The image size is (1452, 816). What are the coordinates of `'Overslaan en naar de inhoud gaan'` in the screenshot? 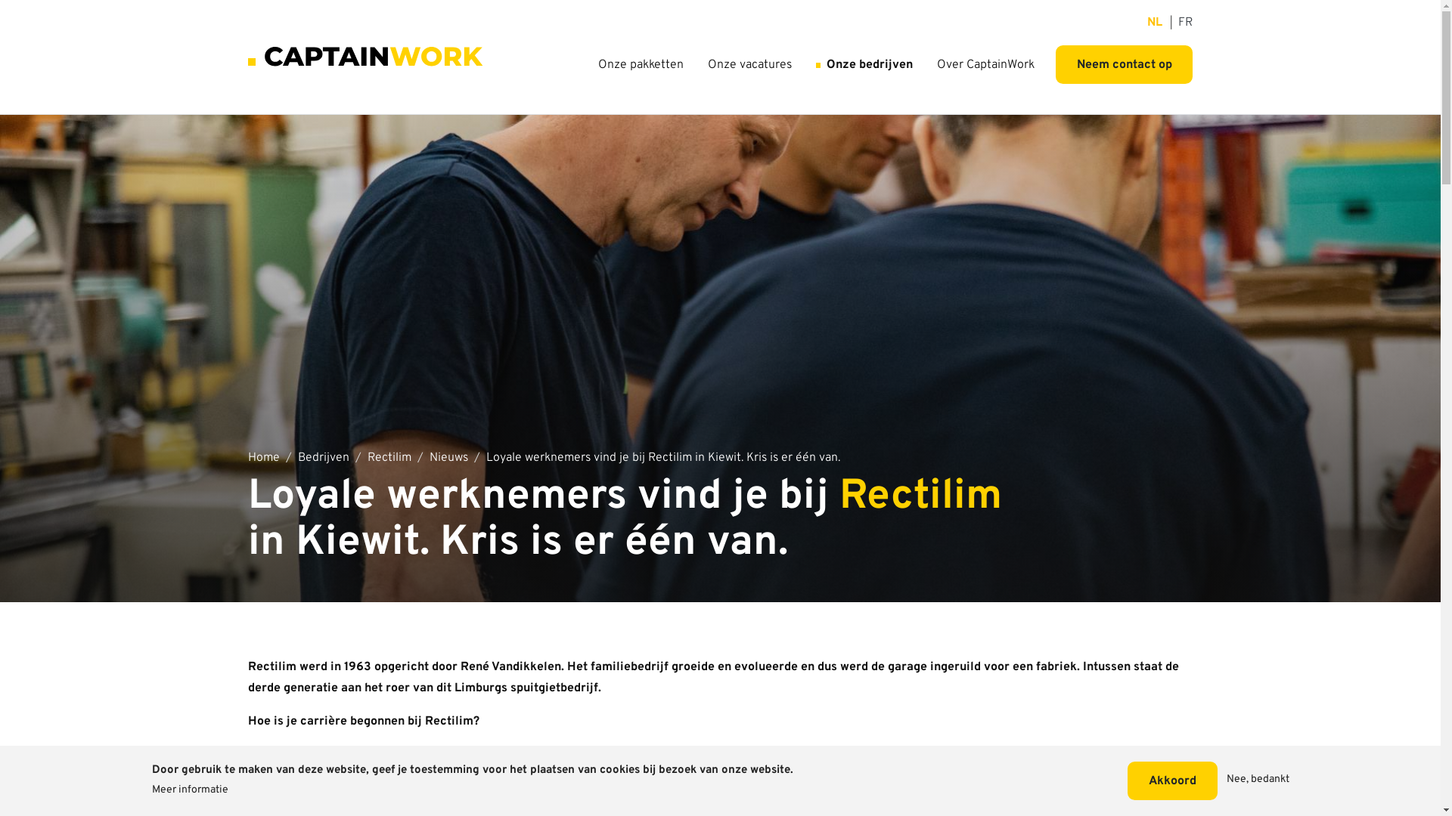 It's located at (719, 8).